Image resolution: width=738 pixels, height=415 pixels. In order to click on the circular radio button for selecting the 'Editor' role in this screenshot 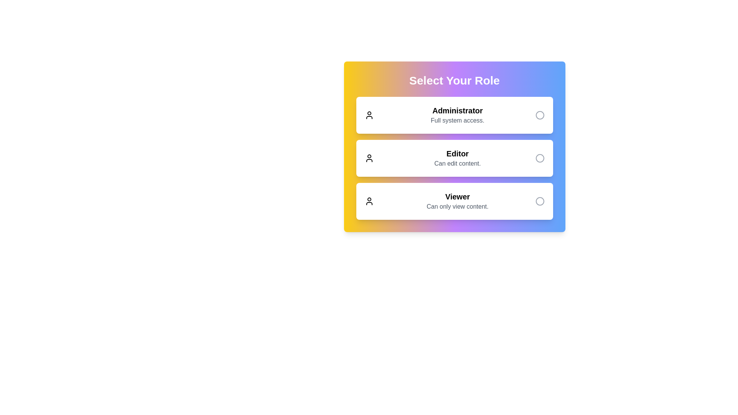, I will do `click(539, 158)`.